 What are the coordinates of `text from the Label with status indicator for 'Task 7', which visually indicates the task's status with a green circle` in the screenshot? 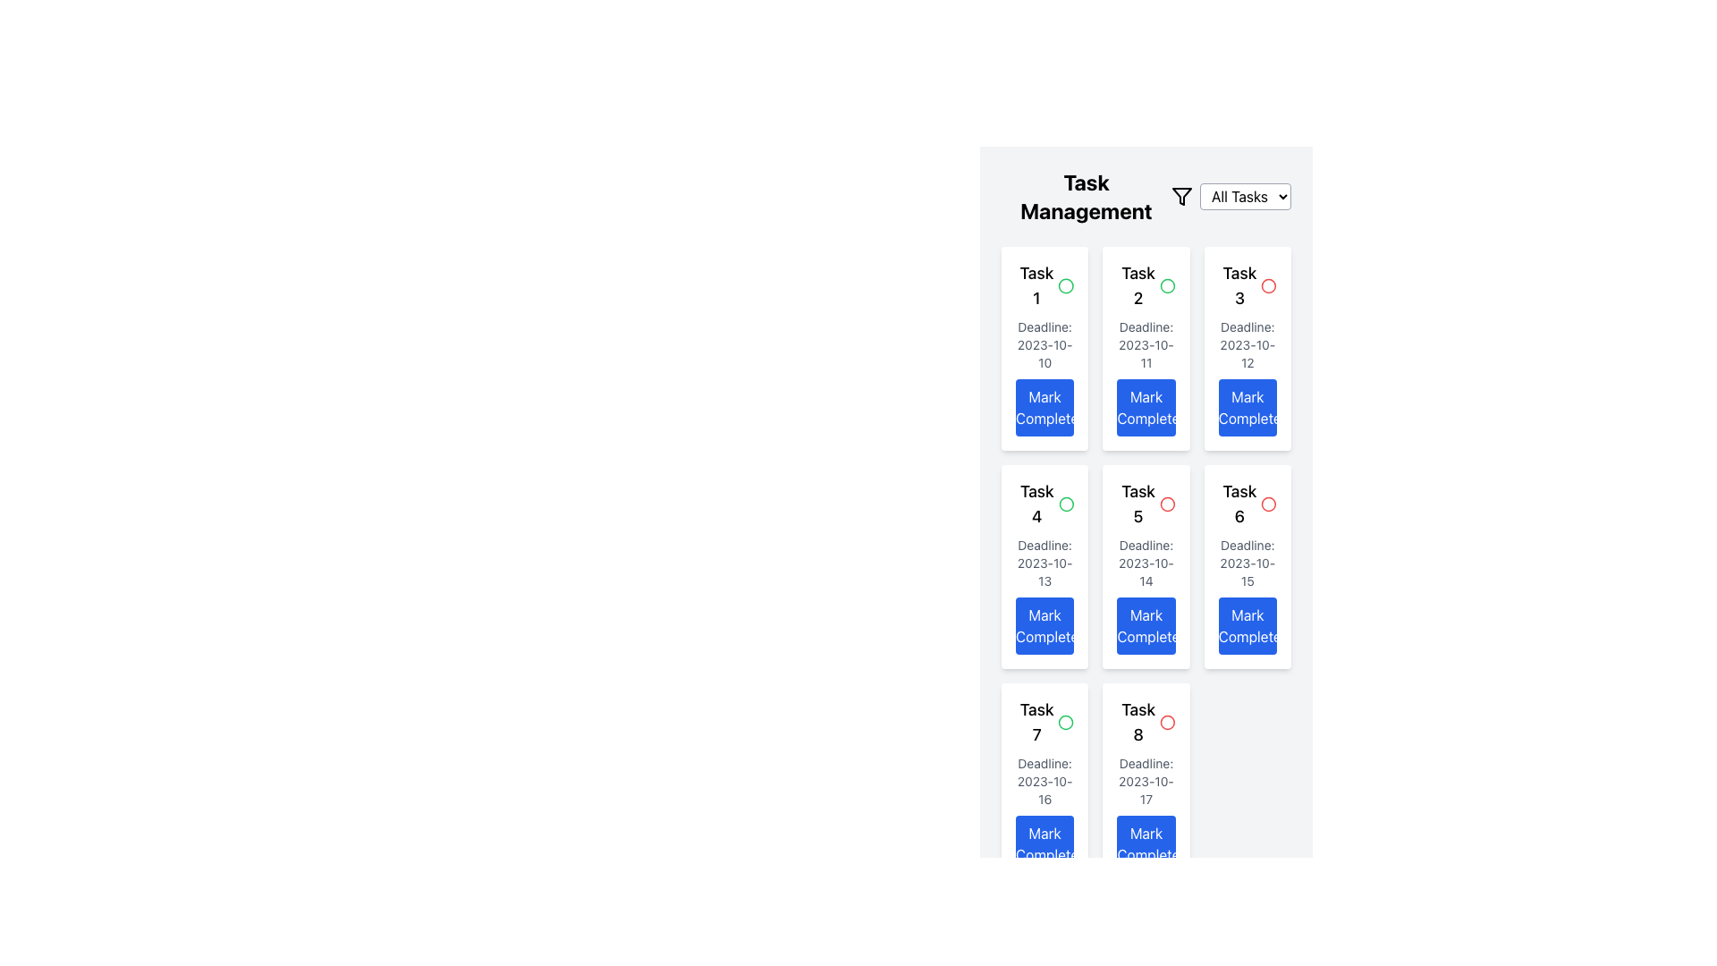 It's located at (1045, 721).